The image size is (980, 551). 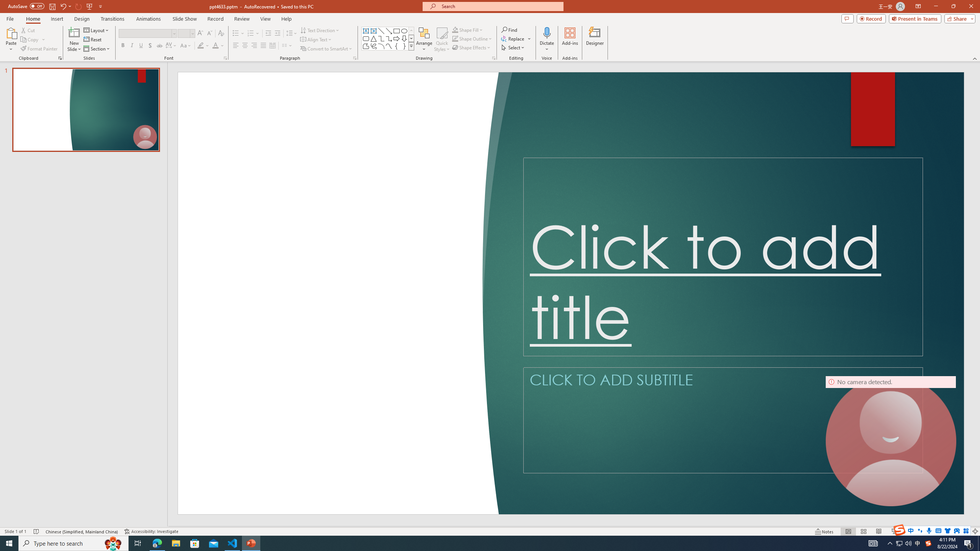 I want to click on 'Center', so click(x=245, y=45).